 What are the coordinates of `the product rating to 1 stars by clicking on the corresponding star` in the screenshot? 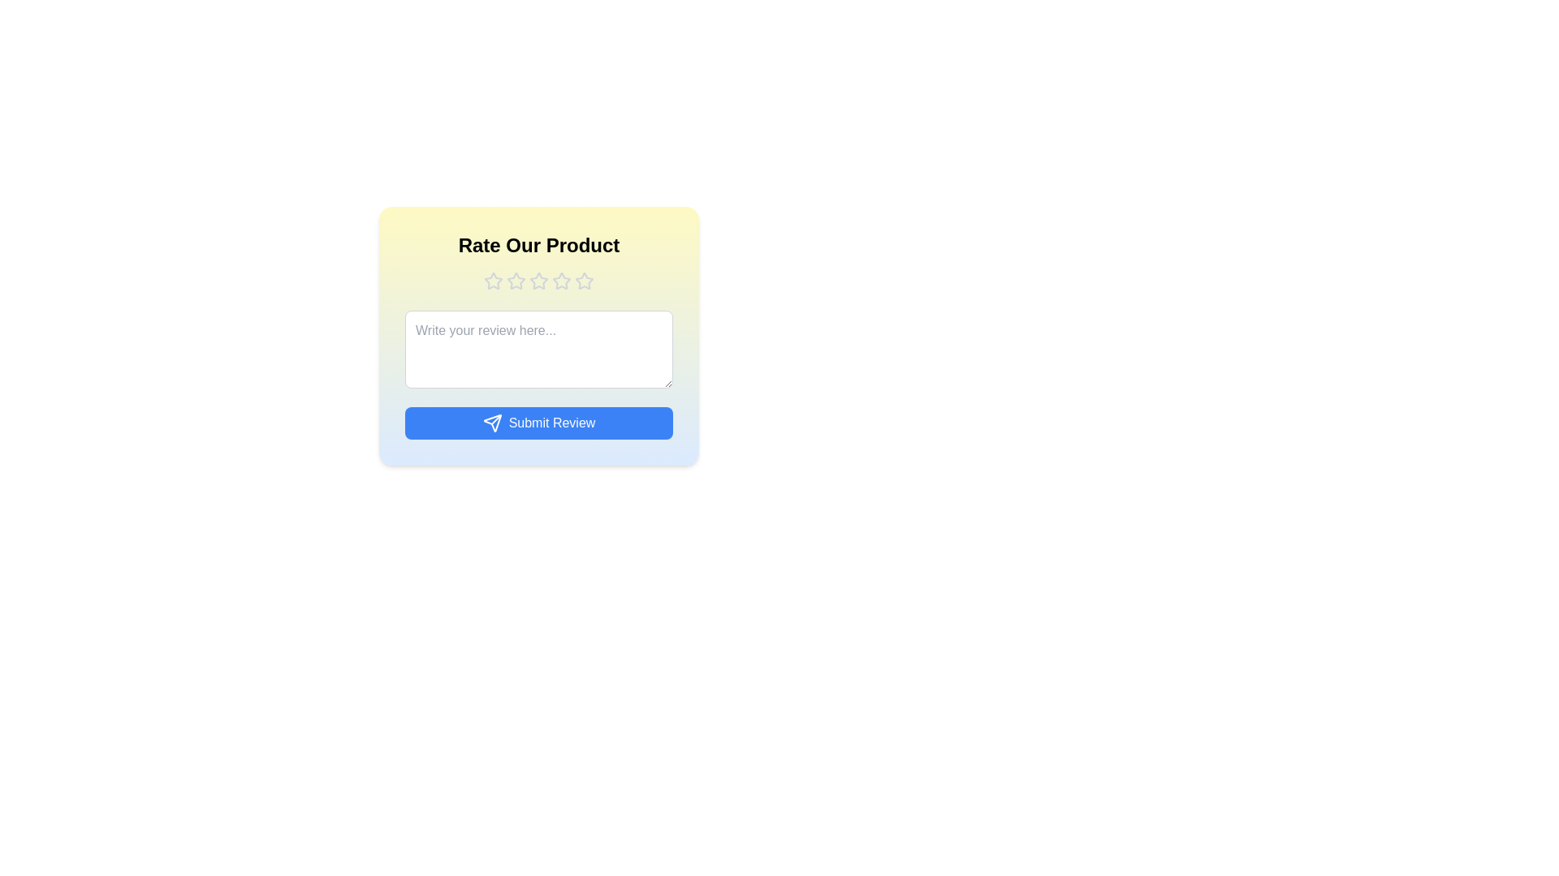 It's located at (493, 281).